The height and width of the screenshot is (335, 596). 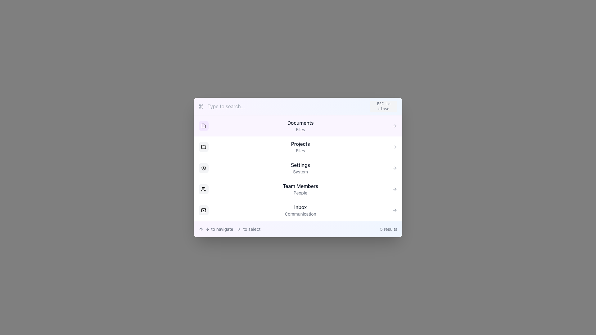 What do you see at coordinates (298, 210) in the screenshot?
I see `the rectangular section of the dropdown menu that displays 'Inbox' and 'Communication'` at bounding box center [298, 210].